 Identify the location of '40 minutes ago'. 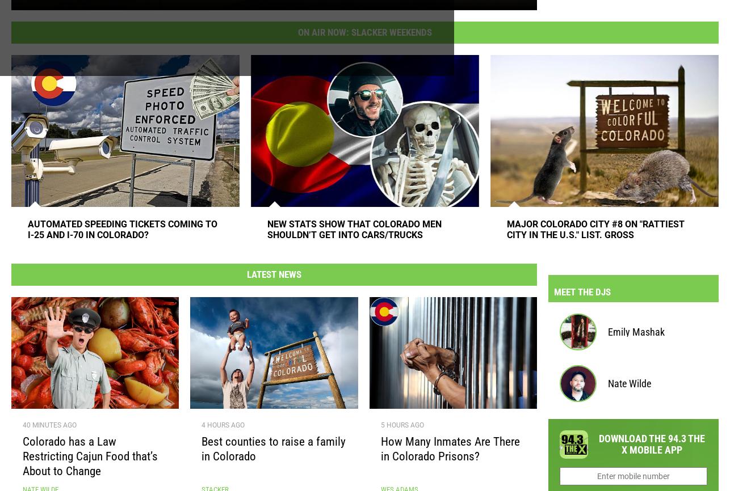
(49, 429).